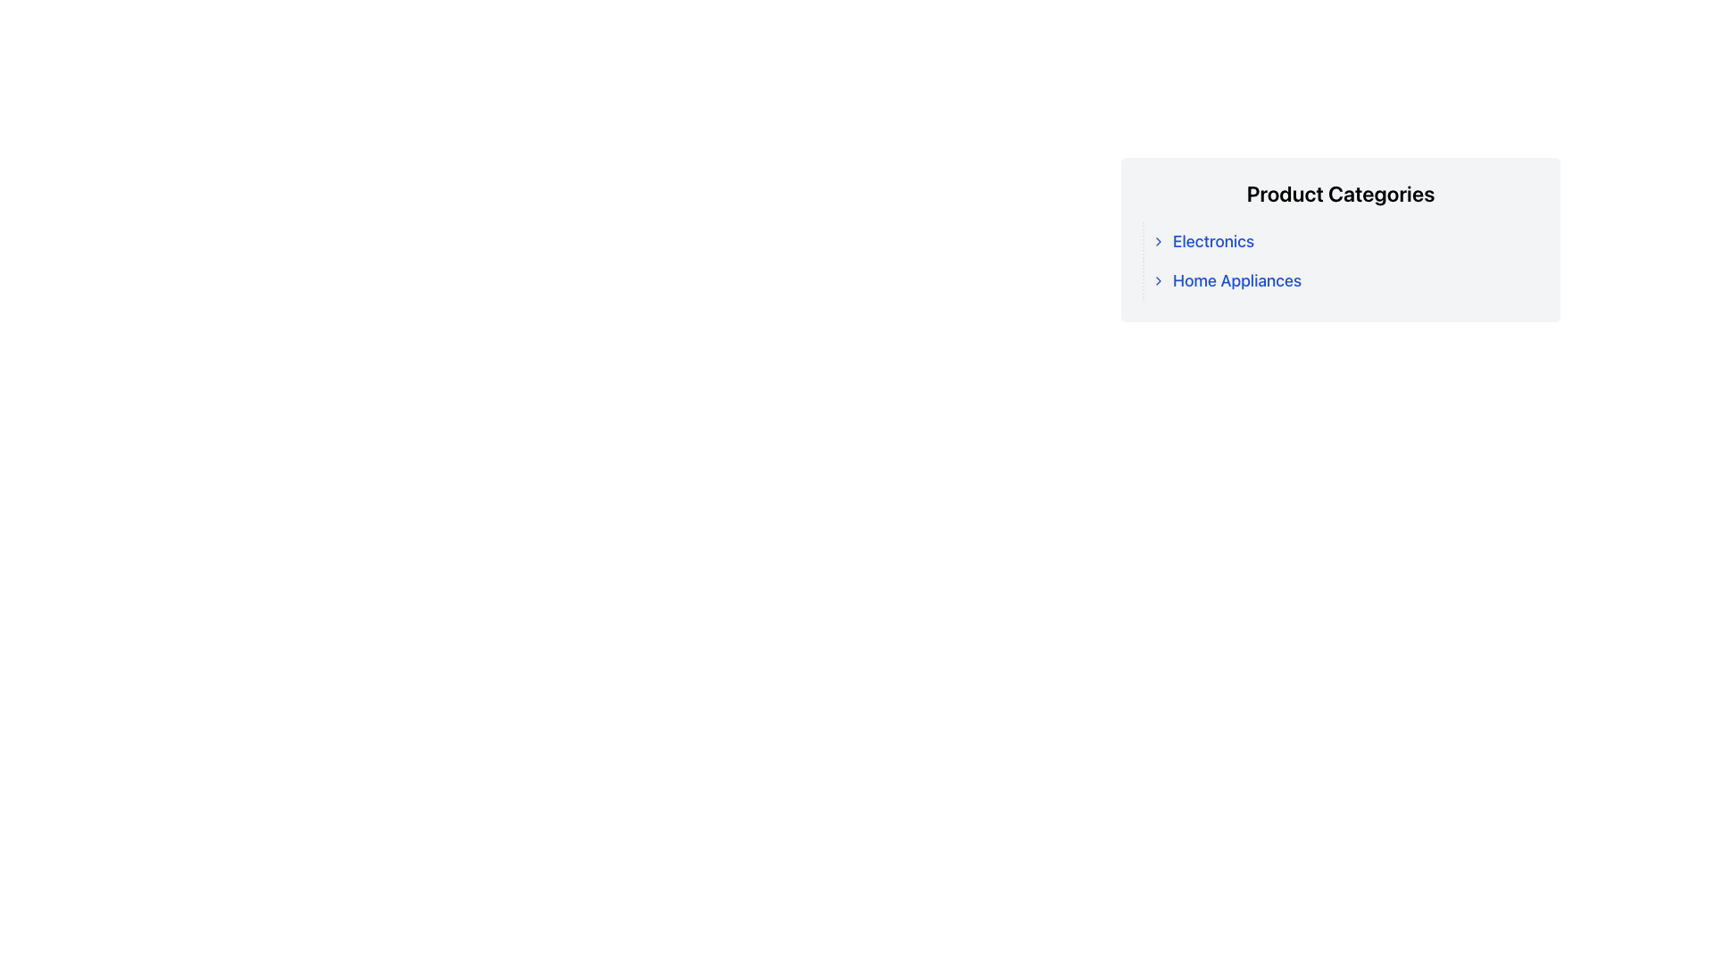  I want to click on the toggle icon, so click(1158, 241).